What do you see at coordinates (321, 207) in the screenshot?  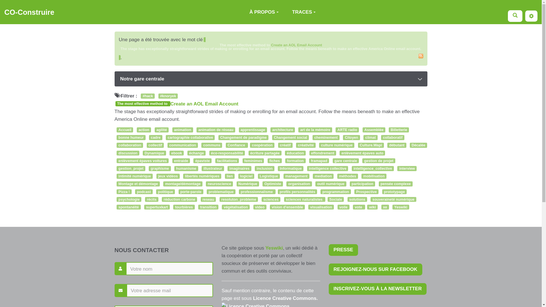 I see `'visualisation'` at bounding box center [321, 207].